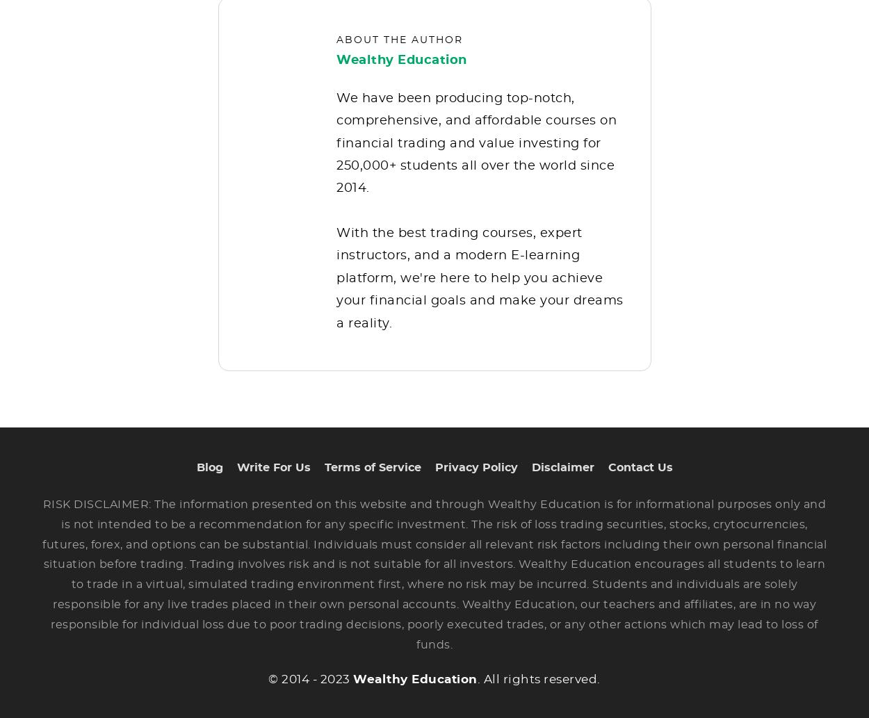 This screenshot has width=869, height=718. Describe the element at coordinates (562, 477) in the screenshot. I see `'Disclaimer'` at that location.